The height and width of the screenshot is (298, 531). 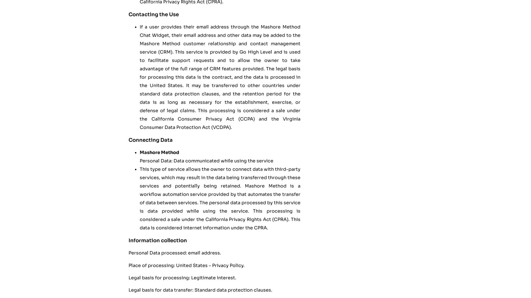 What do you see at coordinates (128, 278) in the screenshot?
I see `'Legal basis for processing: Legitimate interest.'` at bounding box center [128, 278].